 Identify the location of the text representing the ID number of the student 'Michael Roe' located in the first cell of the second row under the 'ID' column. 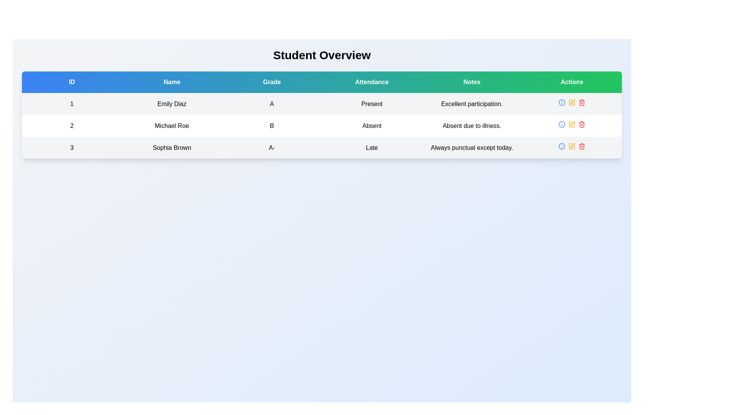
(72, 125).